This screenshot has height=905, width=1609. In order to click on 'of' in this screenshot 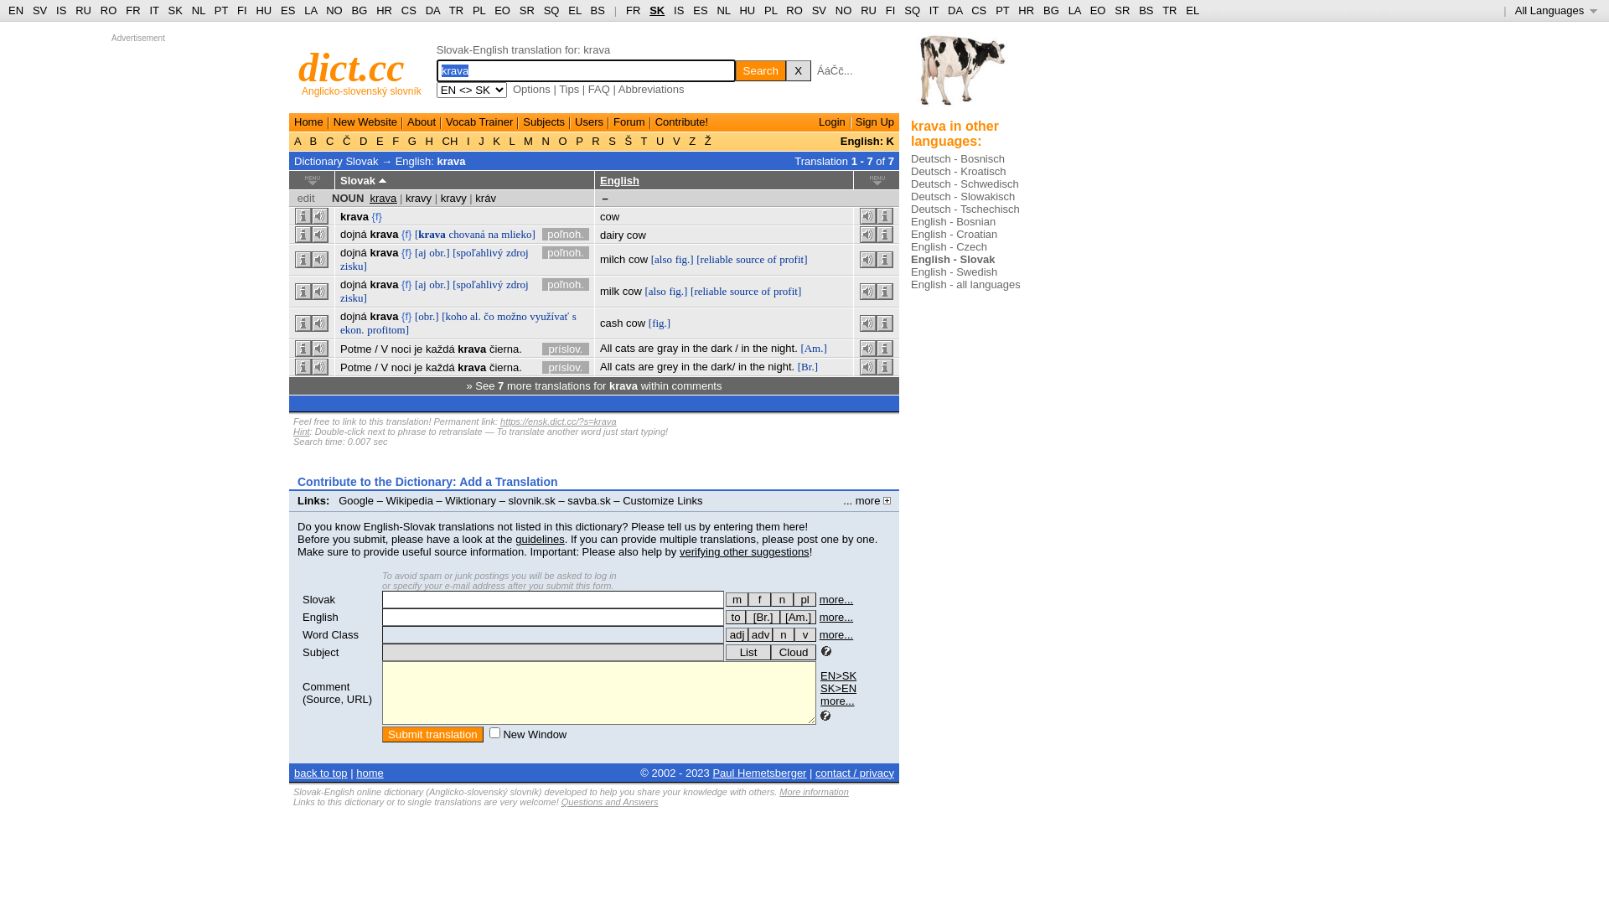, I will do `click(771, 259)`.